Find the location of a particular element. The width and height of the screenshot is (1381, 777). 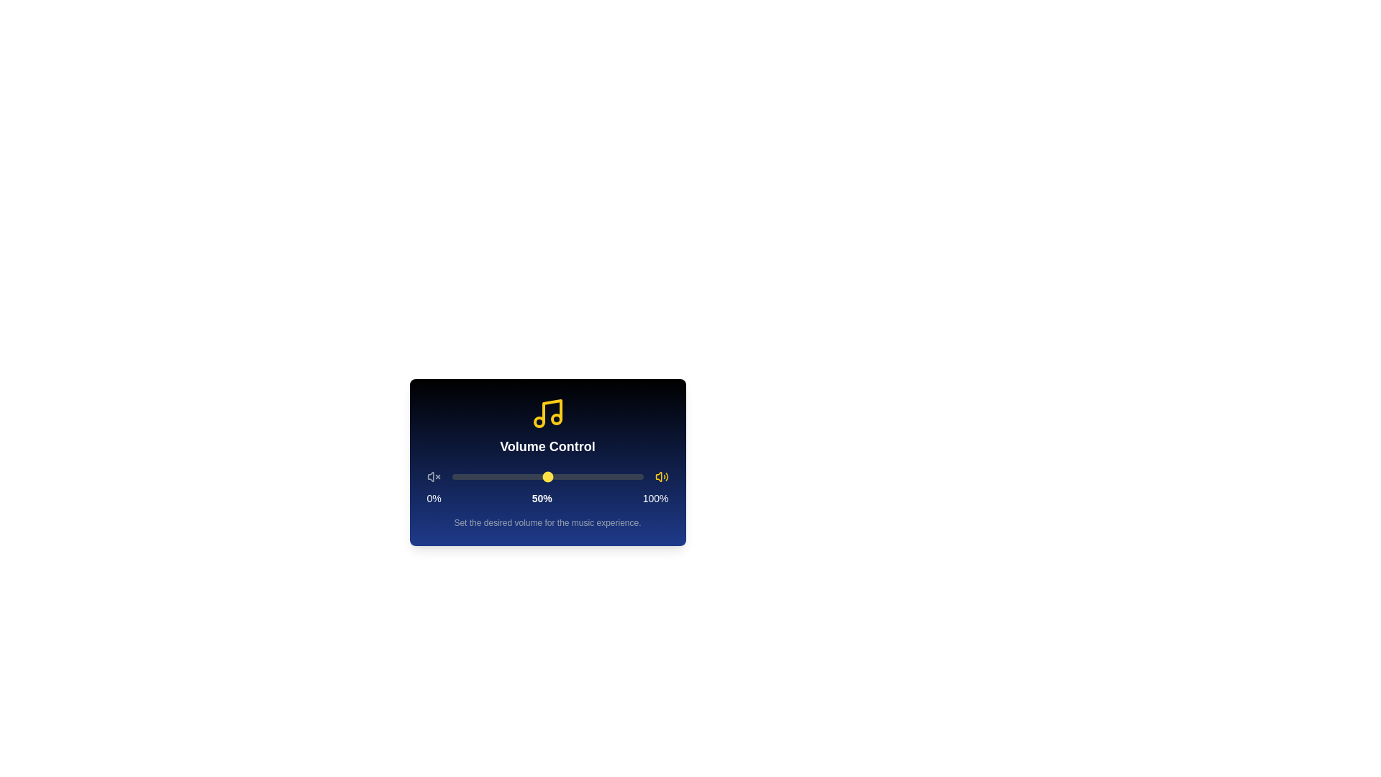

the high volume icon to increase the volume is located at coordinates (661, 477).